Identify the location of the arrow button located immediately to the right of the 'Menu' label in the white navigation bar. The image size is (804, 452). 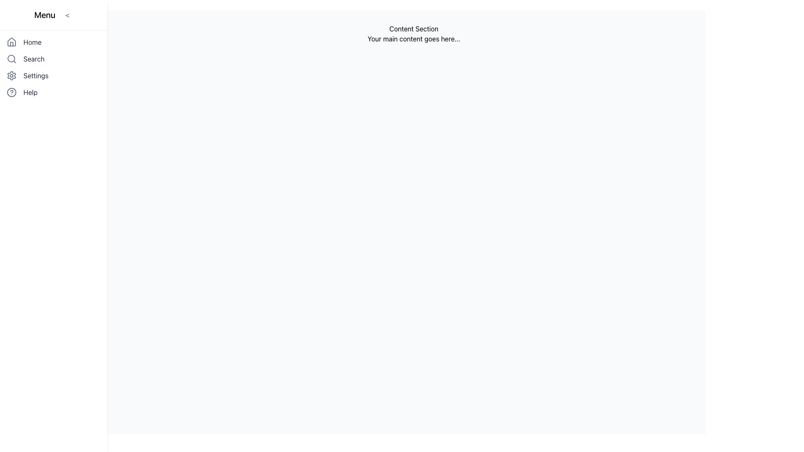
(67, 15).